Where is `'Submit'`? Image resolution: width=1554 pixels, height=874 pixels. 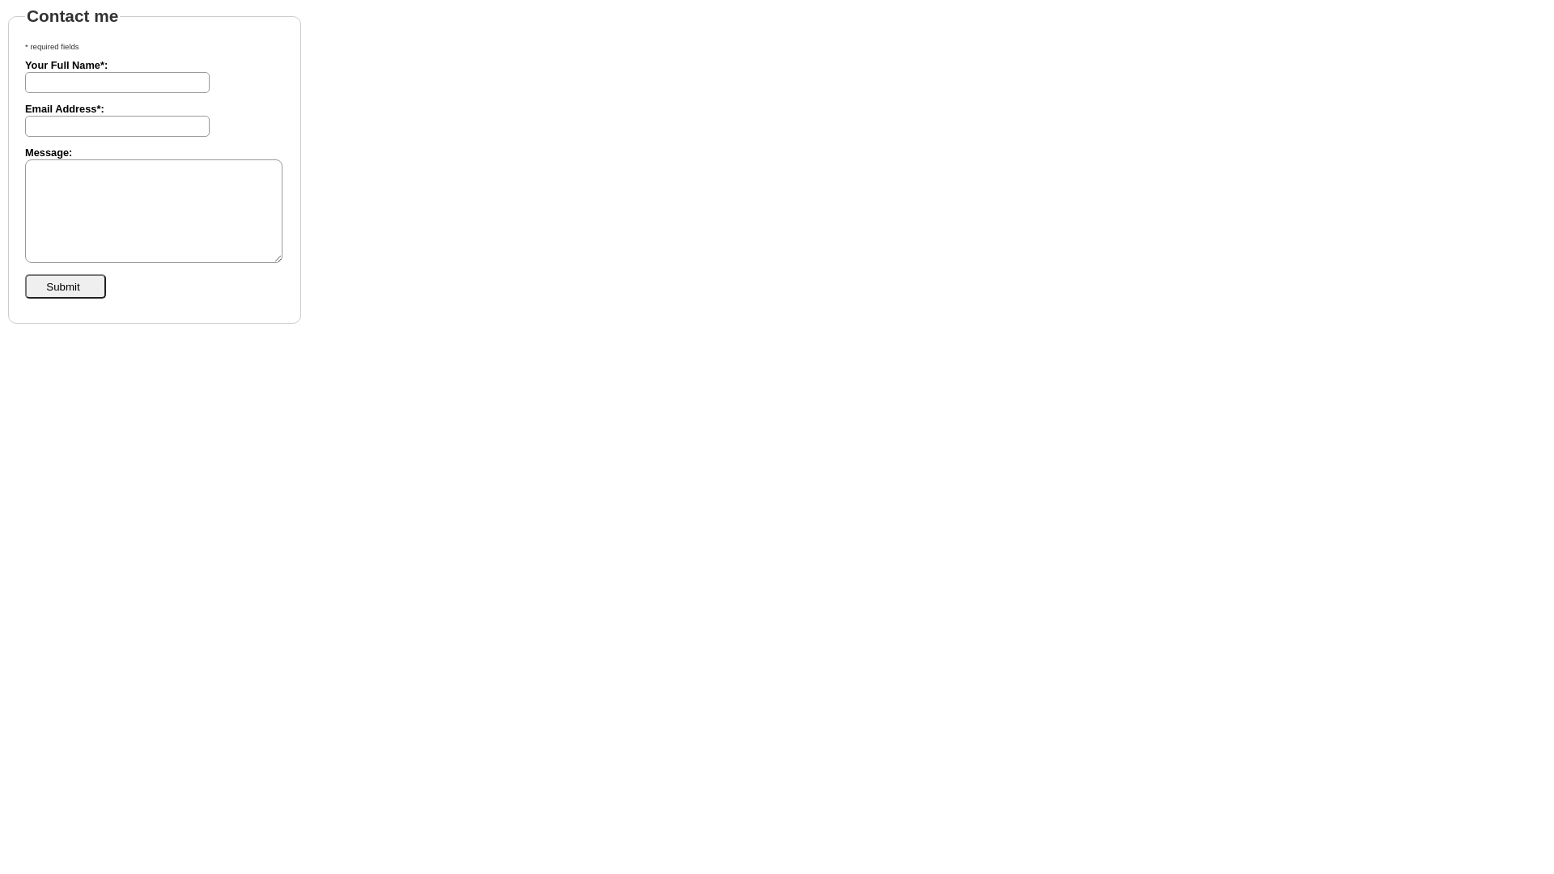
'Submit' is located at coordinates (65, 286).